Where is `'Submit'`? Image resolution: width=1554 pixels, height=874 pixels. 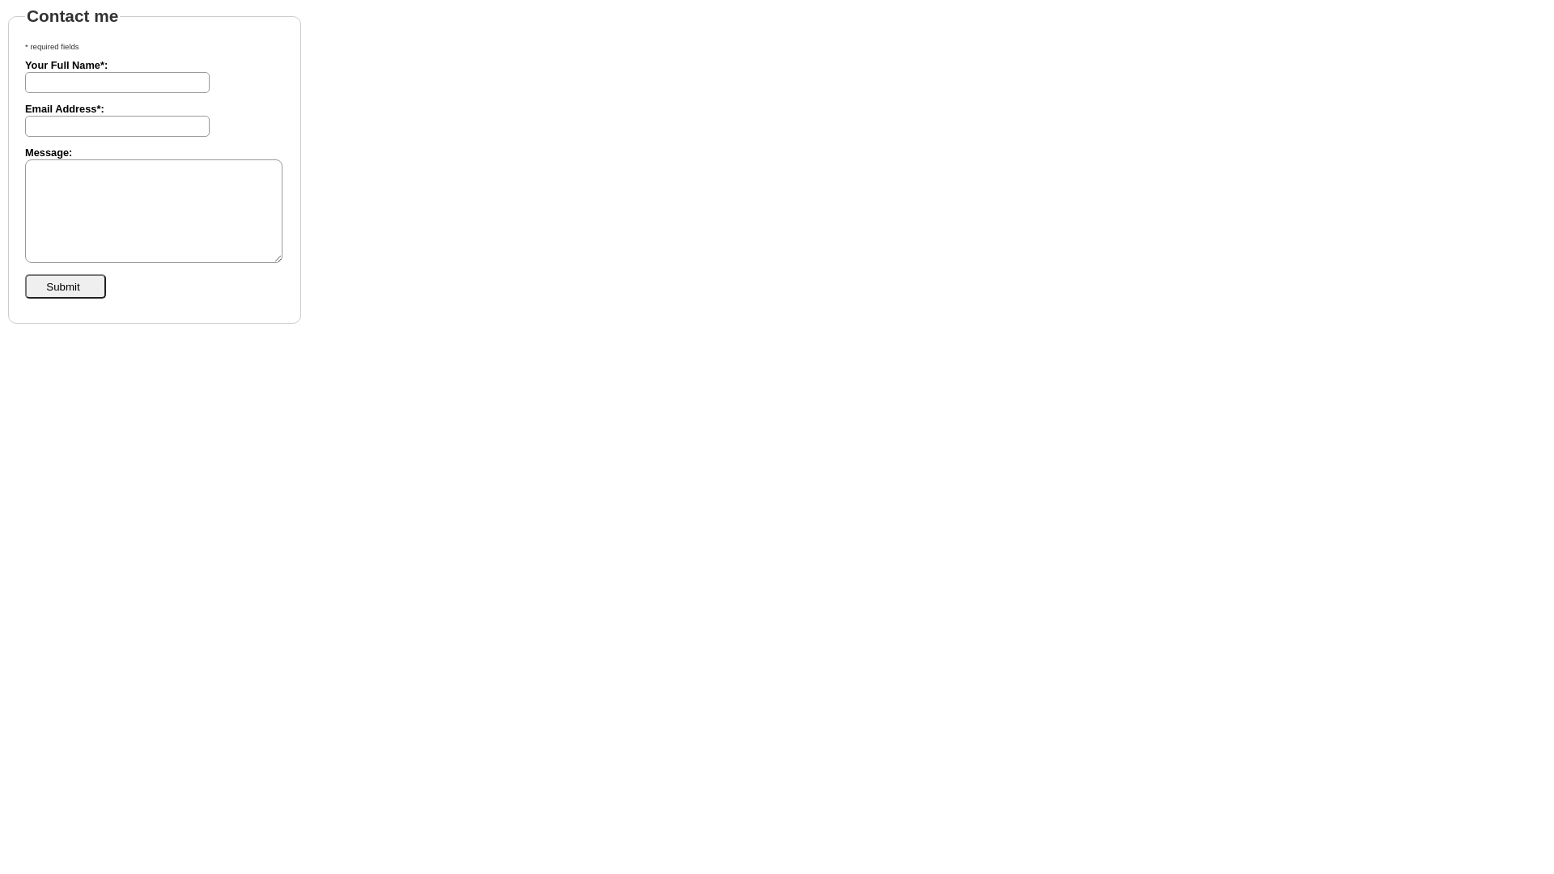
'Submit' is located at coordinates (65, 286).